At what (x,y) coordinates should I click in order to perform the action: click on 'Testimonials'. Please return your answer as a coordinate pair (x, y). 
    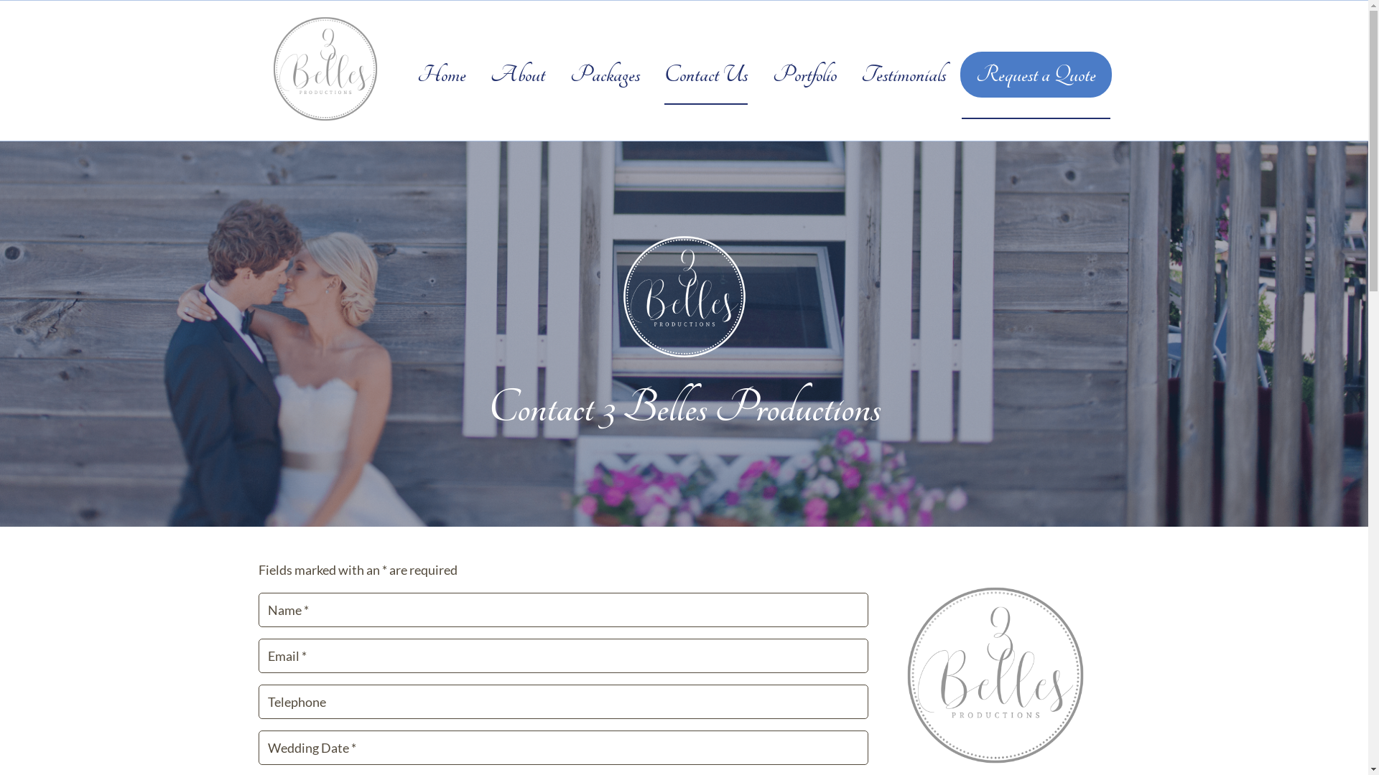
    Looking at the image, I should click on (902, 75).